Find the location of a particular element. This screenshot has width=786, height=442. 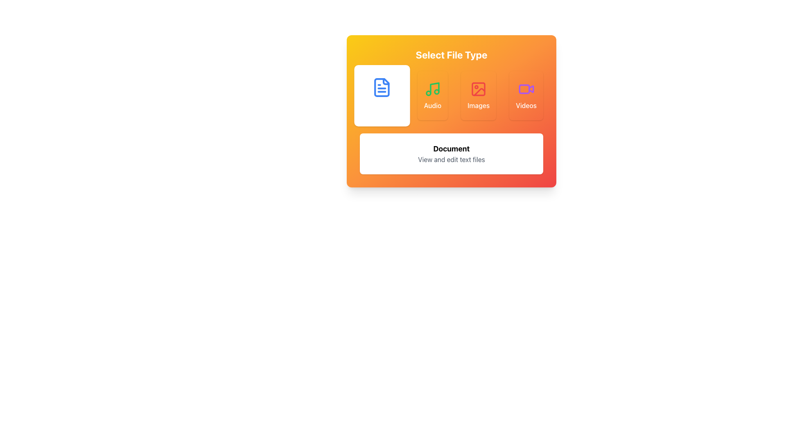

the green musical note icon located in the 'Audio' section of the selection panel, positioned between the first option and the Images option is located at coordinates (432, 89).